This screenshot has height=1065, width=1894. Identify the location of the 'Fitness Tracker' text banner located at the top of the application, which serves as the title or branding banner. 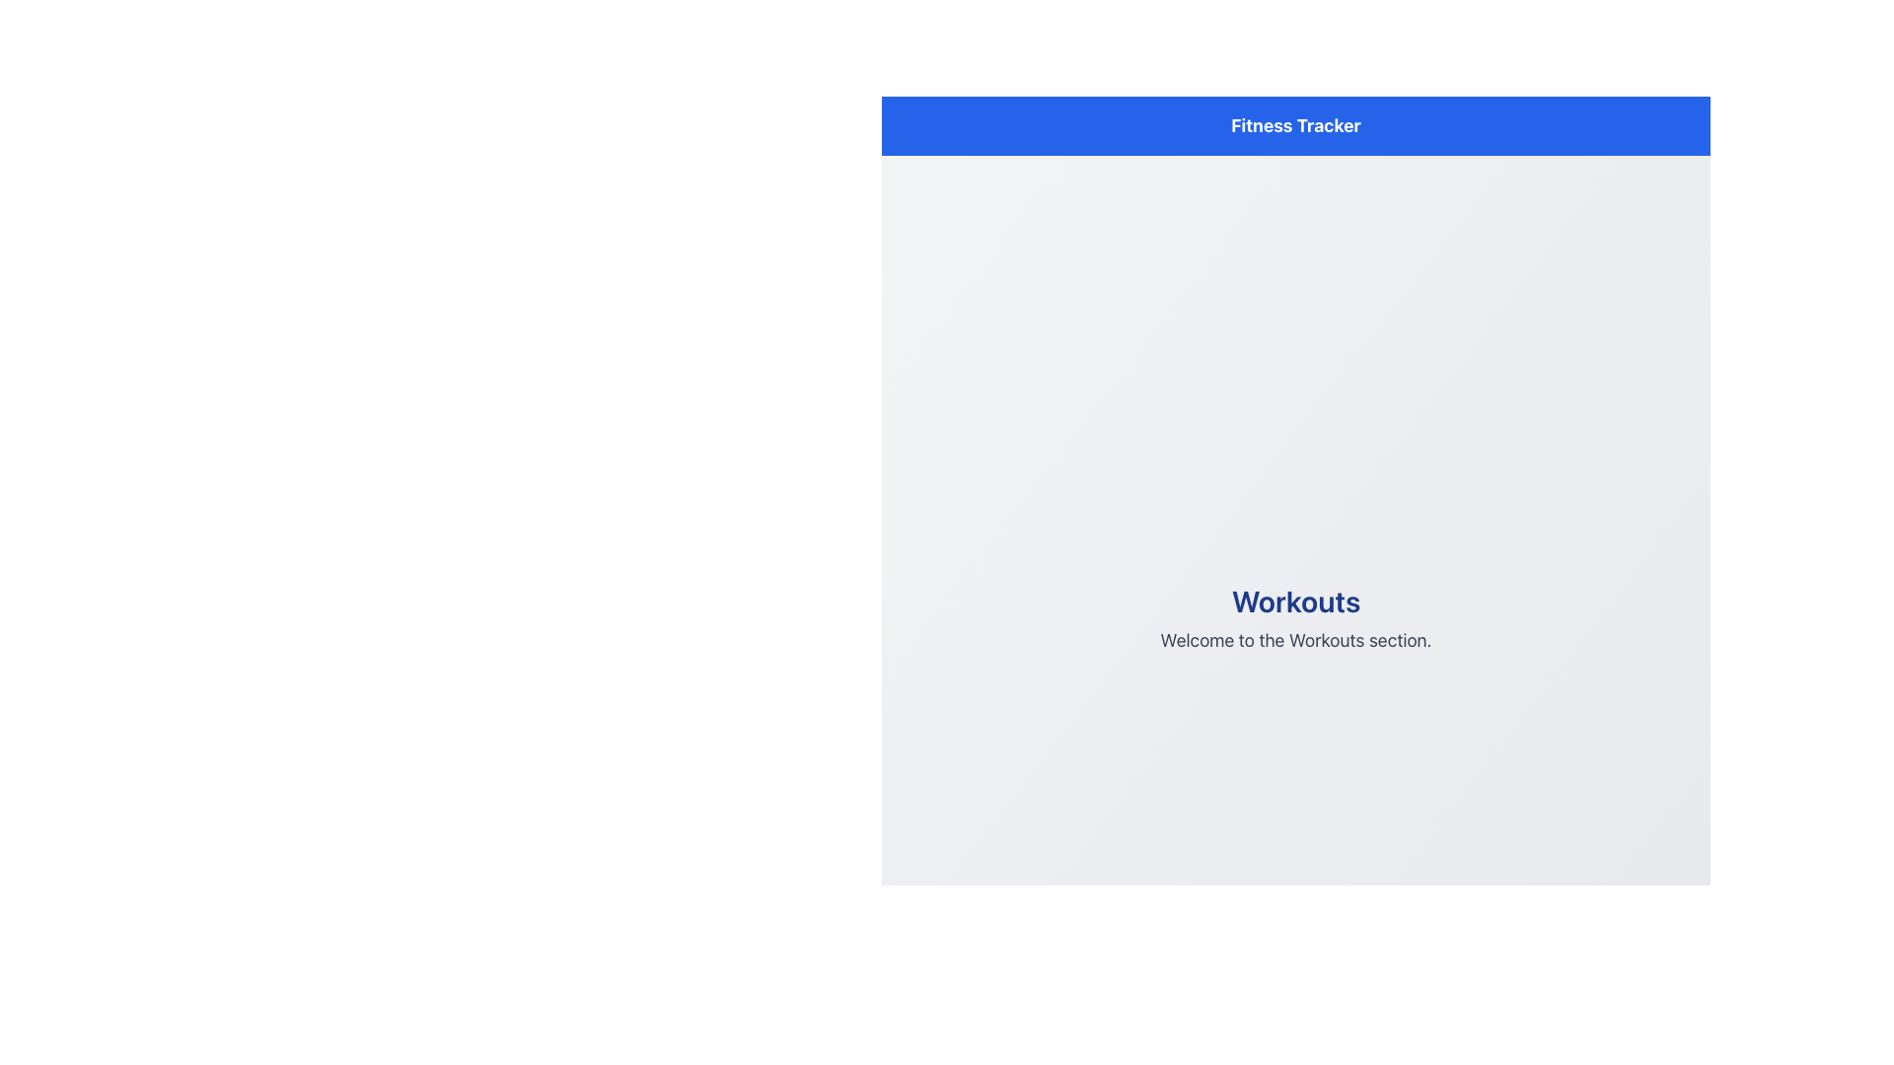
(1296, 125).